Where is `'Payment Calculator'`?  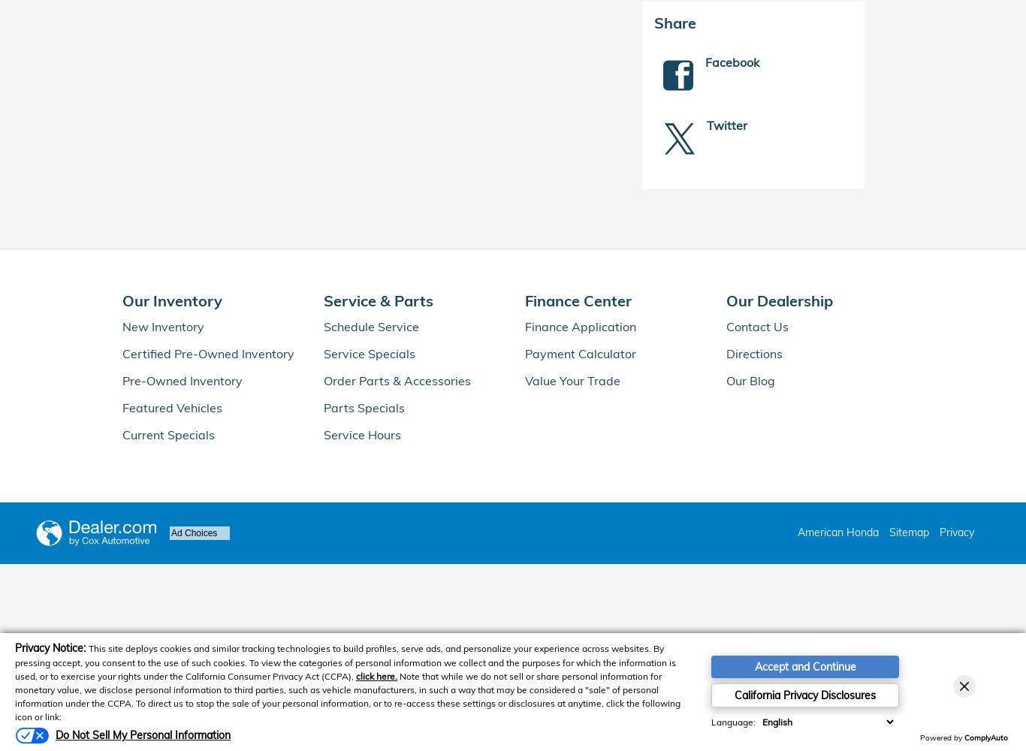
'Payment Calculator' is located at coordinates (524, 352).